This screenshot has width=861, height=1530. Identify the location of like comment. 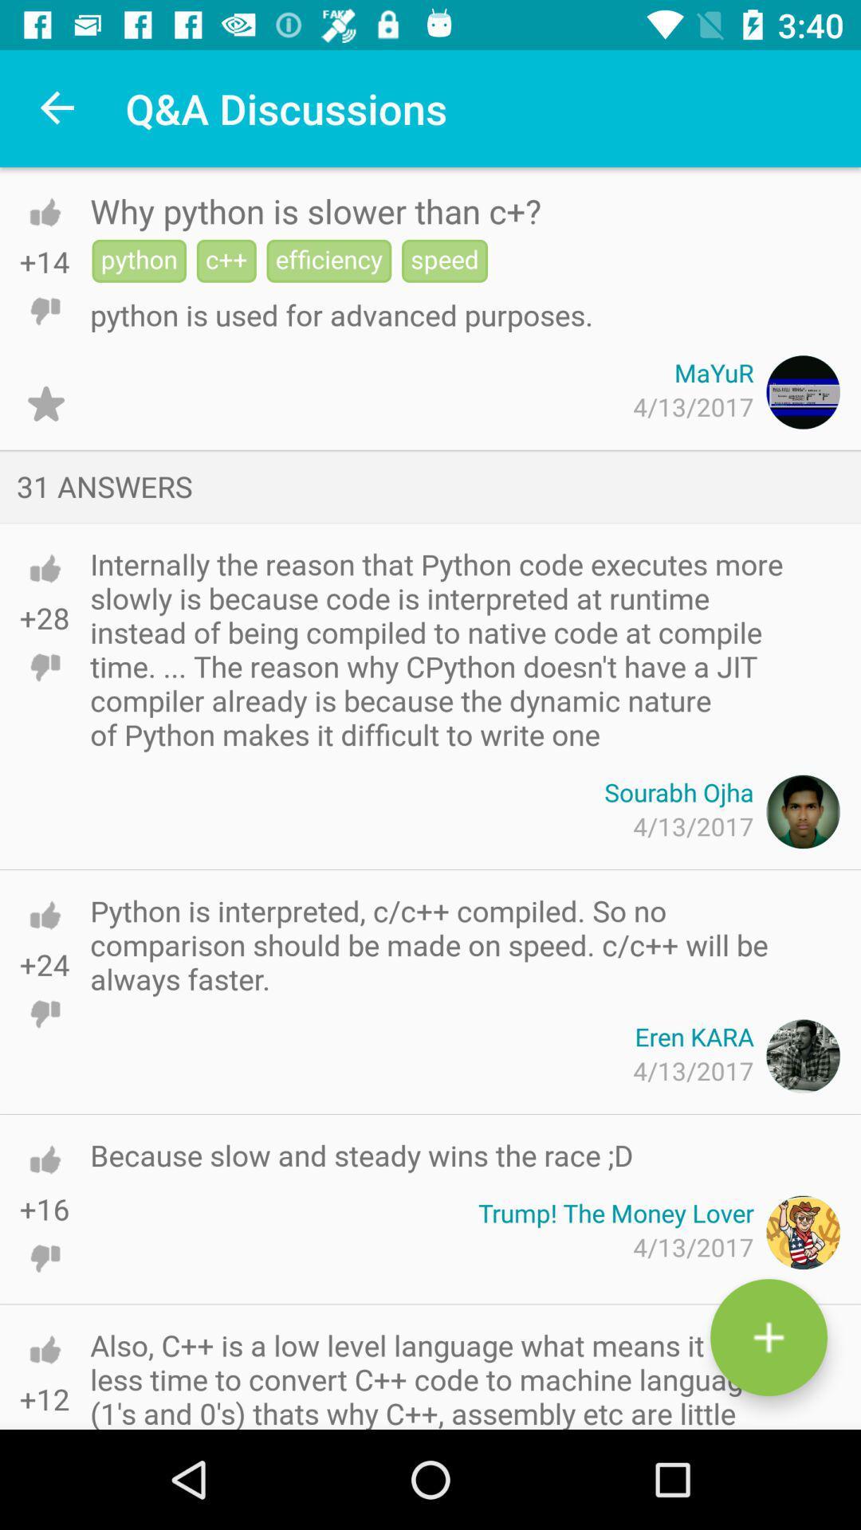
(44, 568).